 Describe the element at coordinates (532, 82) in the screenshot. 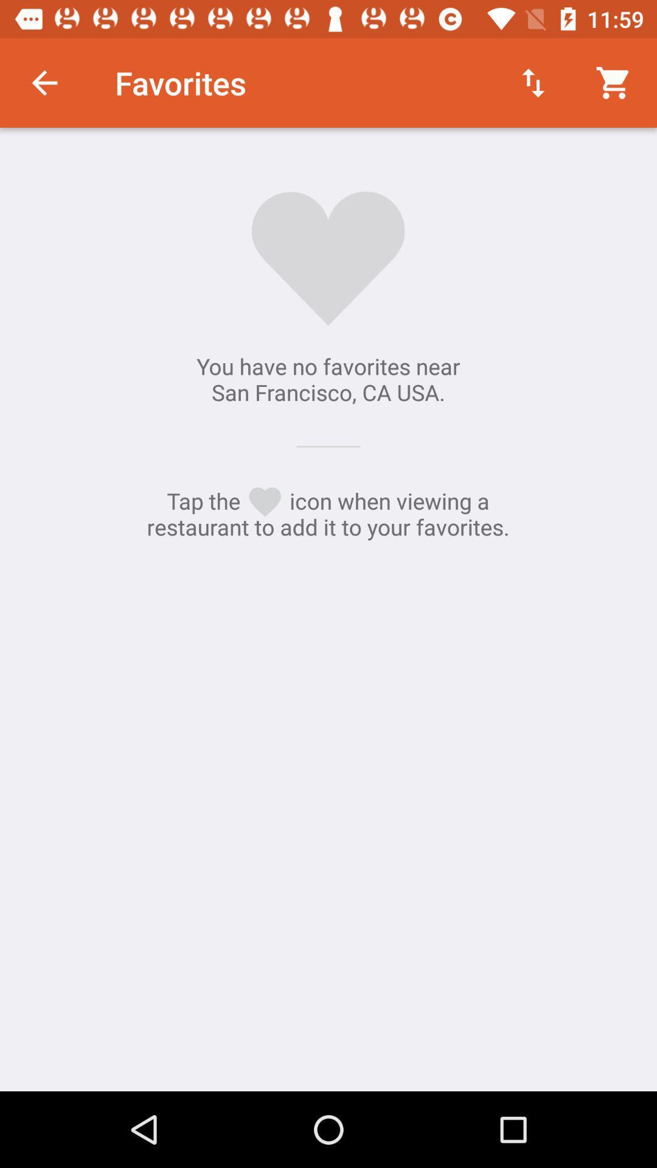

I see `the icon above the you have no icon` at that location.